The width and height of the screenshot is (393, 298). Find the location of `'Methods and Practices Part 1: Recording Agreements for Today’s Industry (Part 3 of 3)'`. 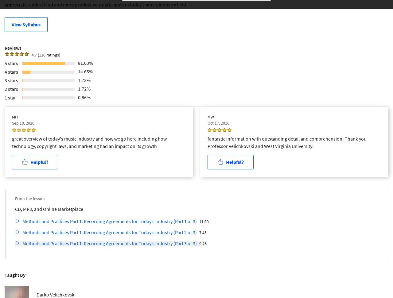

'Methods and Practices Part 1: Recording Agreements for Today’s Industry (Part 3 of 3)' is located at coordinates (109, 243).